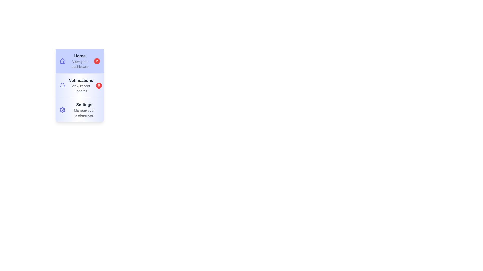  I want to click on the menu item Settings from the navigation menu, so click(79, 109).